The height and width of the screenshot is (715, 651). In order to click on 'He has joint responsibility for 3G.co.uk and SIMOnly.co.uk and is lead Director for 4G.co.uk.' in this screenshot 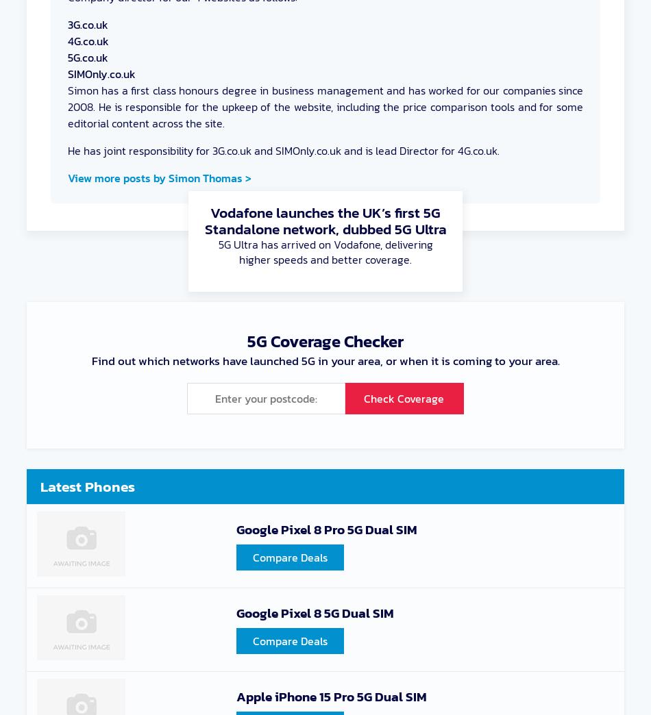, I will do `click(67, 150)`.